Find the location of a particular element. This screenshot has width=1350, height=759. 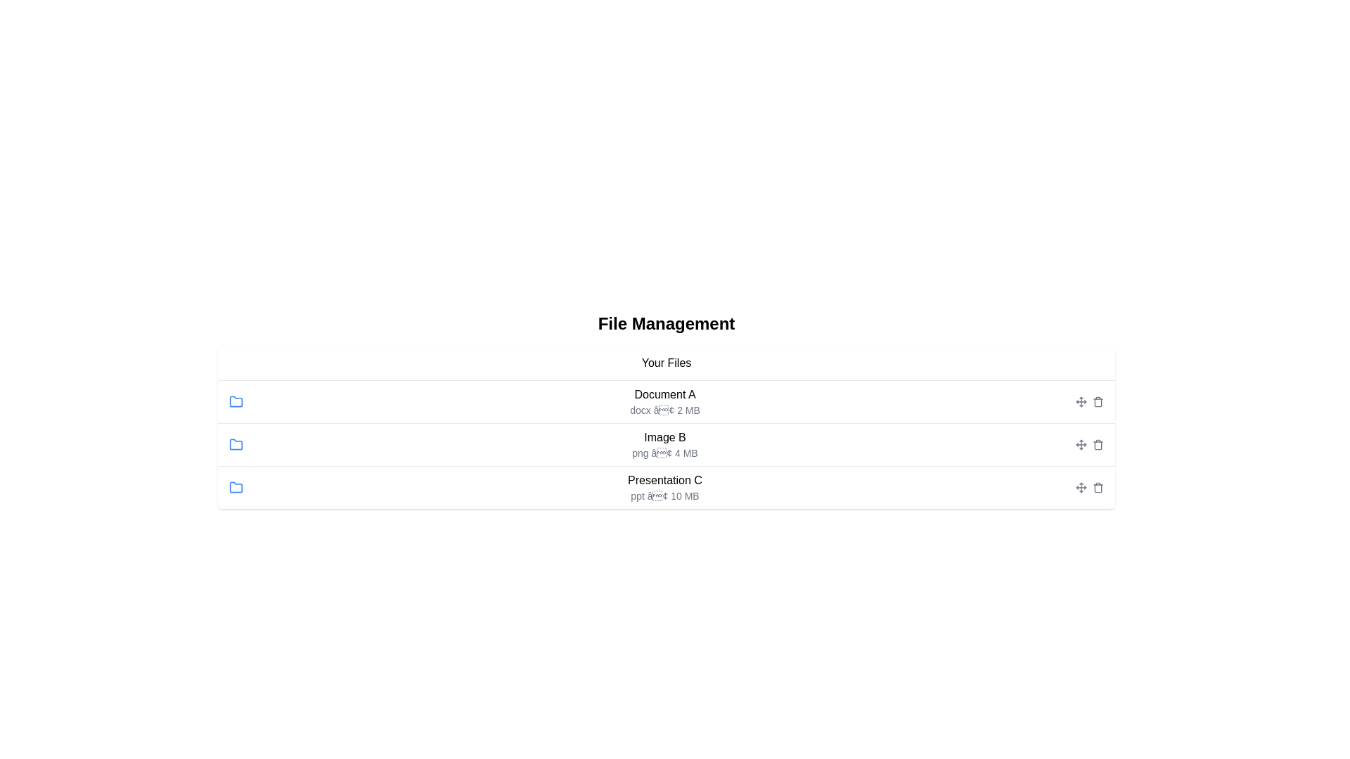

the blue folder icon located to the left of the 'Image B' entry in the file list is located at coordinates (236, 444).